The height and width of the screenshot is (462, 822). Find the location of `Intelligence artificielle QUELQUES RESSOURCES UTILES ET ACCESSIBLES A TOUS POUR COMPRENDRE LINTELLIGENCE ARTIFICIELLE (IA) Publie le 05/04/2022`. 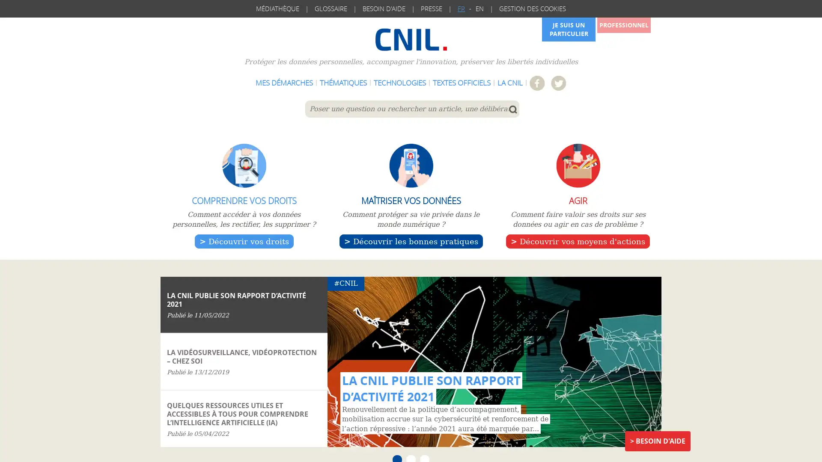

Intelligence artificielle QUELQUES RESSOURCES UTILES ET ACCESSIBLES A TOUS POUR COMPRENDRE LINTELLIGENCE ARTIFICIELLE (IA) Publie le 05/04/2022 is located at coordinates (244, 418).